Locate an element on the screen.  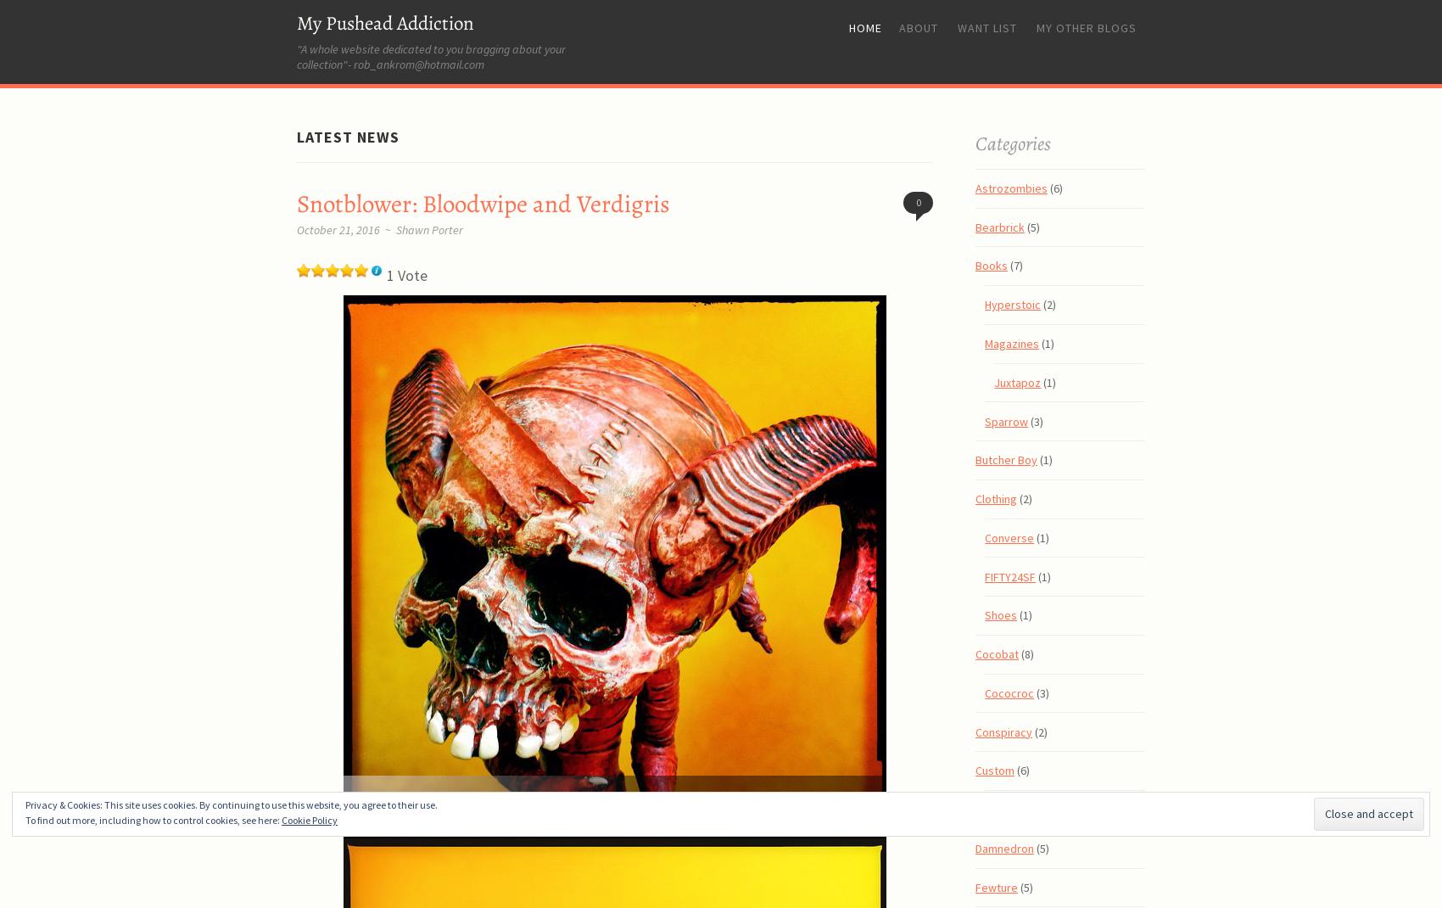
'Conspiracy' is located at coordinates (1003, 731).